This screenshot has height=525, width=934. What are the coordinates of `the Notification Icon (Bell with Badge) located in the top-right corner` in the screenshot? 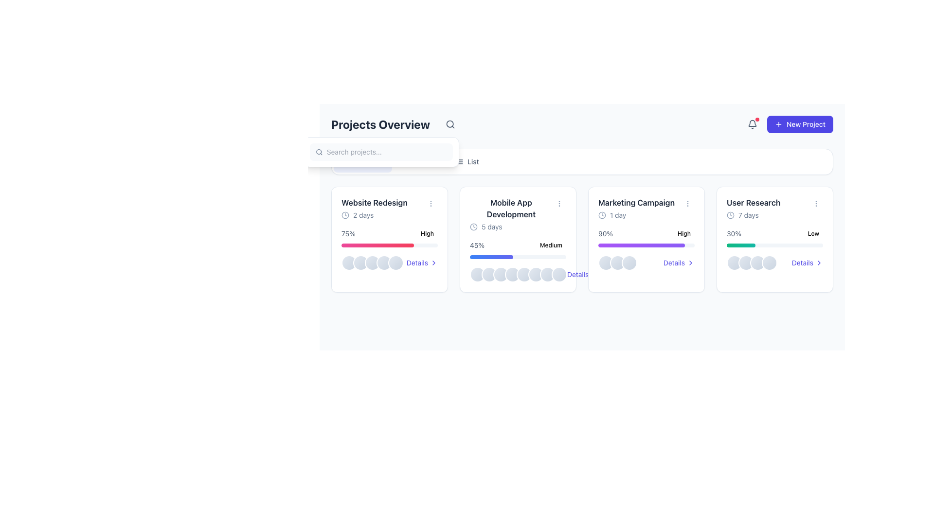 It's located at (752, 123).